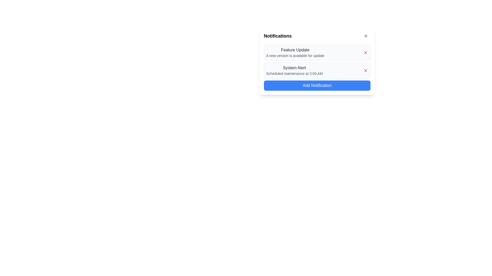  Describe the element at coordinates (365, 71) in the screenshot. I see `the 'X' shaped close icon in the top-right corner of the 'System Alert' notification card` at that location.